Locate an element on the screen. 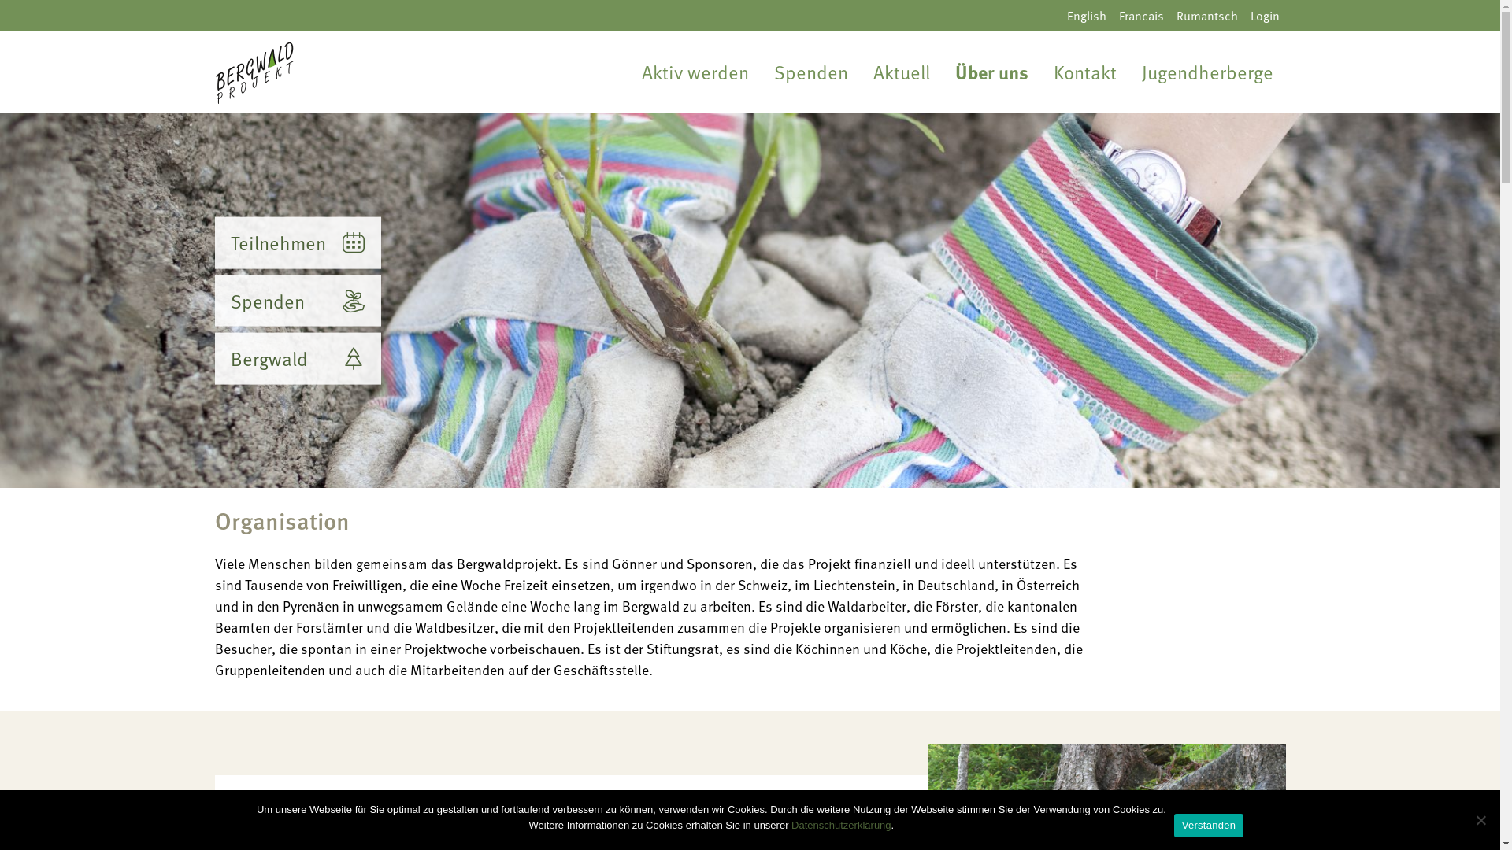 This screenshot has width=1512, height=850. 'Verstanden' is located at coordinates (1208, 825).